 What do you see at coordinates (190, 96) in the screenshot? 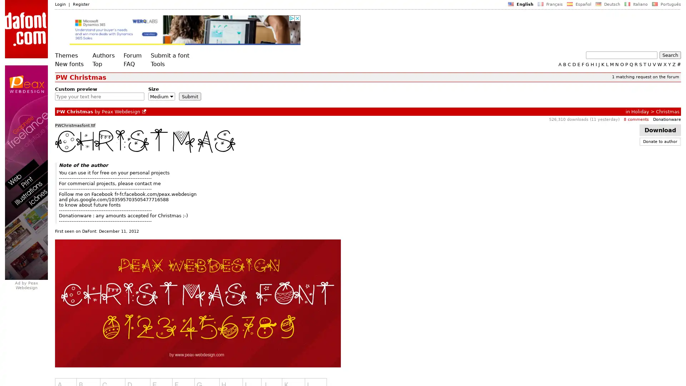
I see `Submit` at bounding box center [190, 96].